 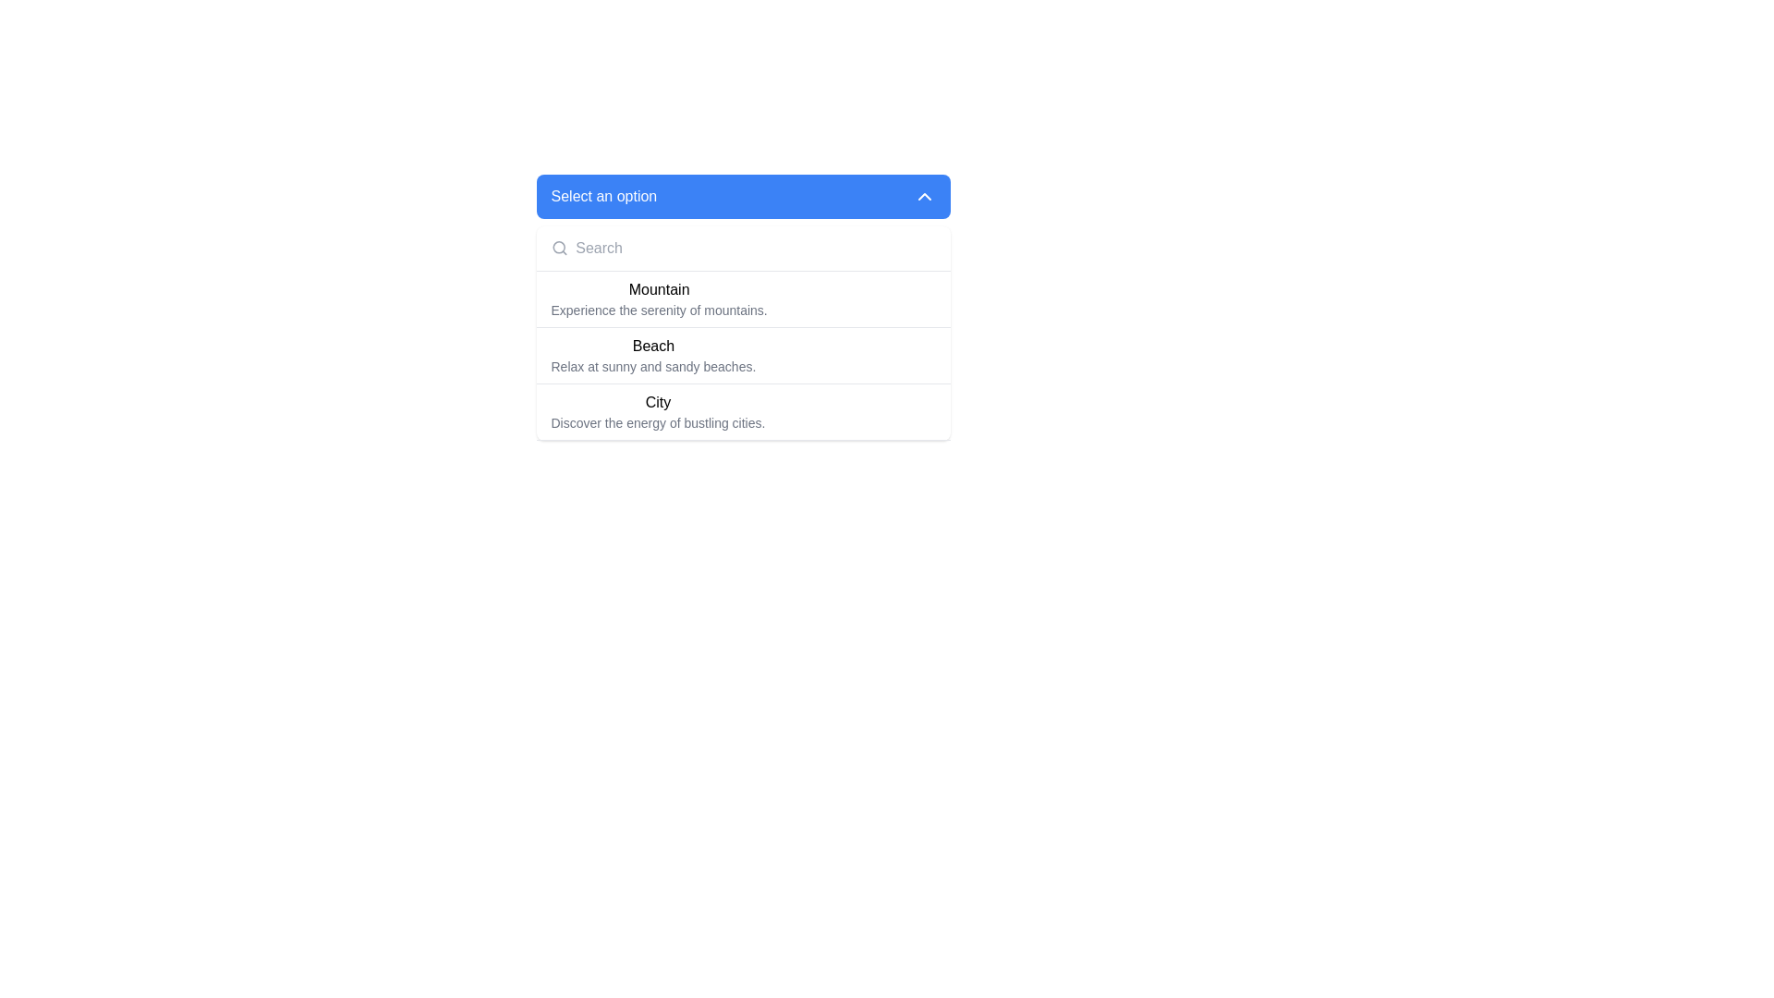 What do you see at coordinates (743, 356) in the screenshot?
I see `the 'Beach' category selectable list item in the dropdown menu` at bounding box center [743, 356].